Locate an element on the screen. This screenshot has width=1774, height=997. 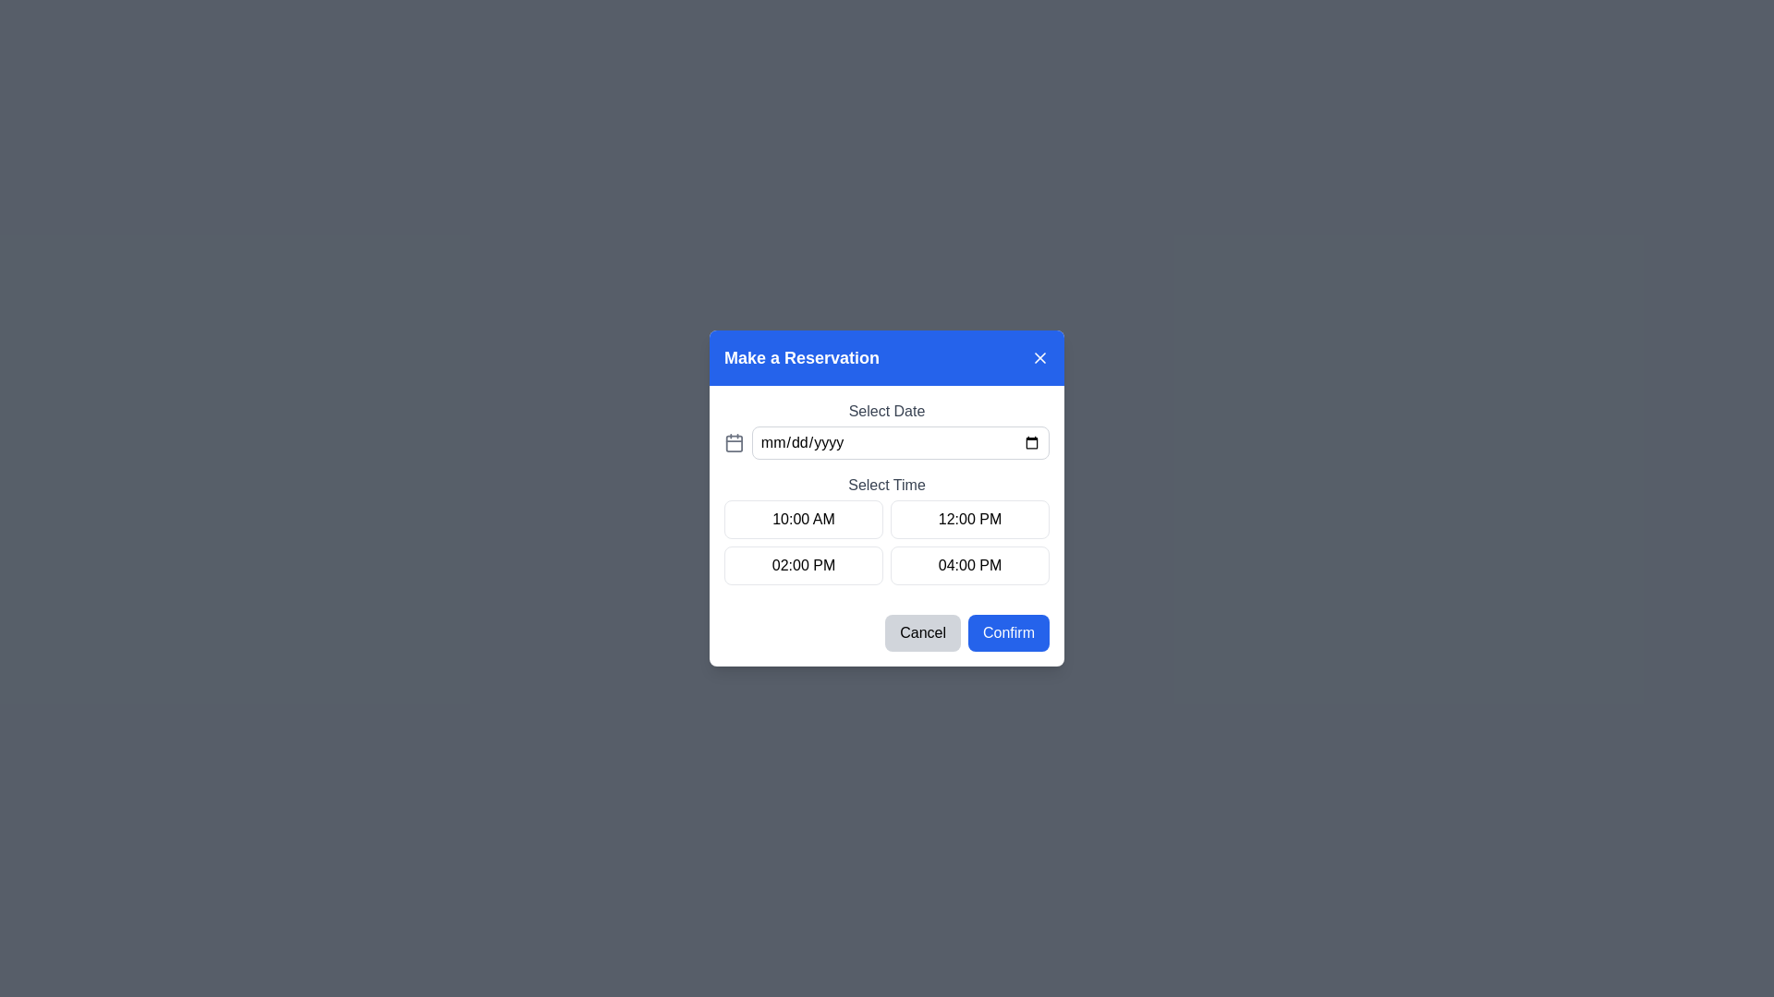
the 'Cancel' button in the Button Group at the bottom of the modal dialog is located at coordinates (887, 632).